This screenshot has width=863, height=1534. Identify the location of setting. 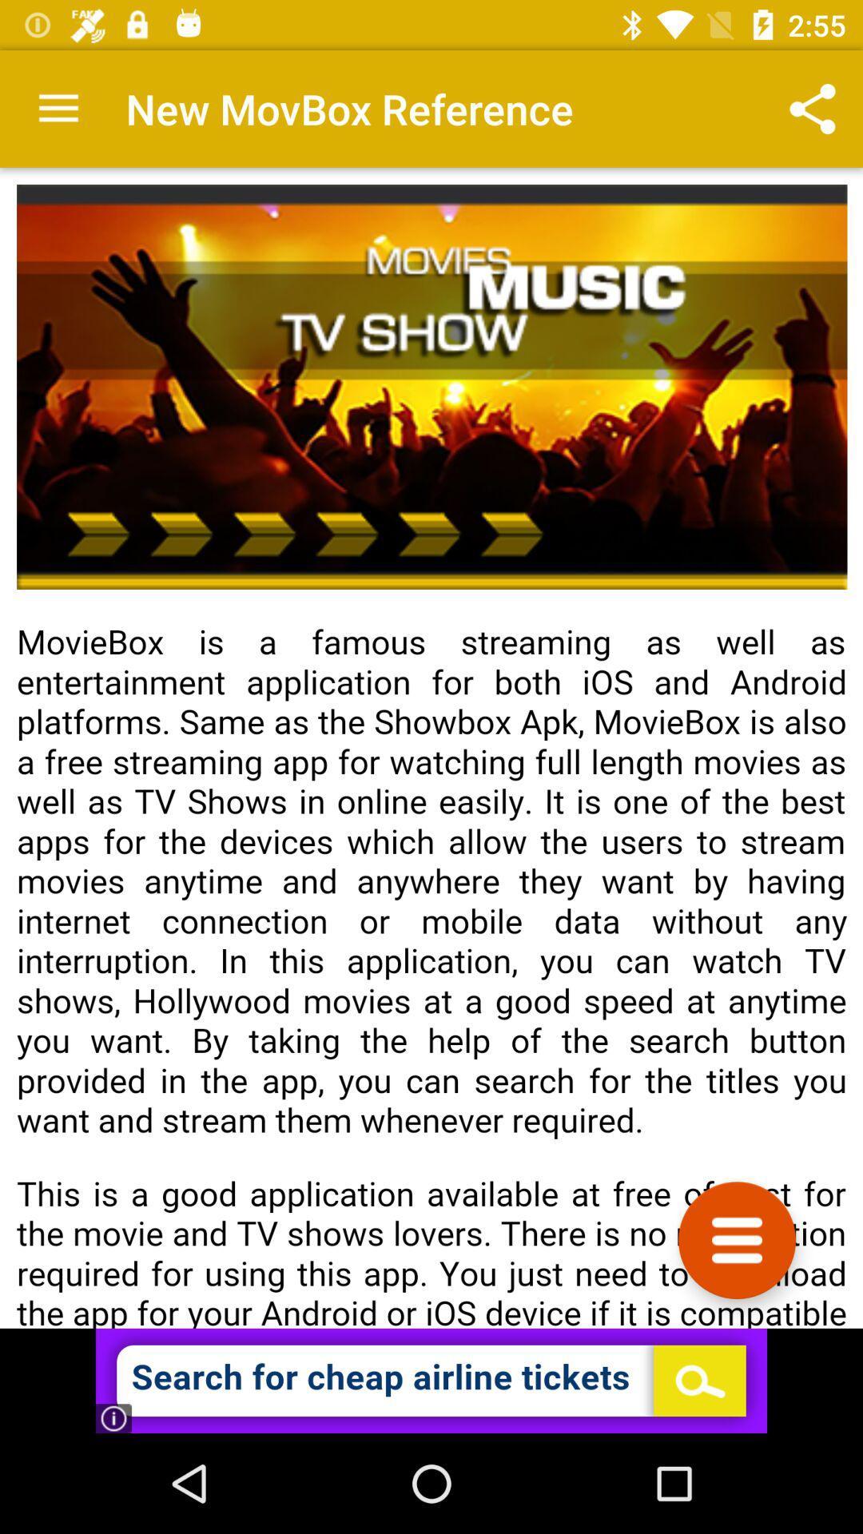
(737, 1239).